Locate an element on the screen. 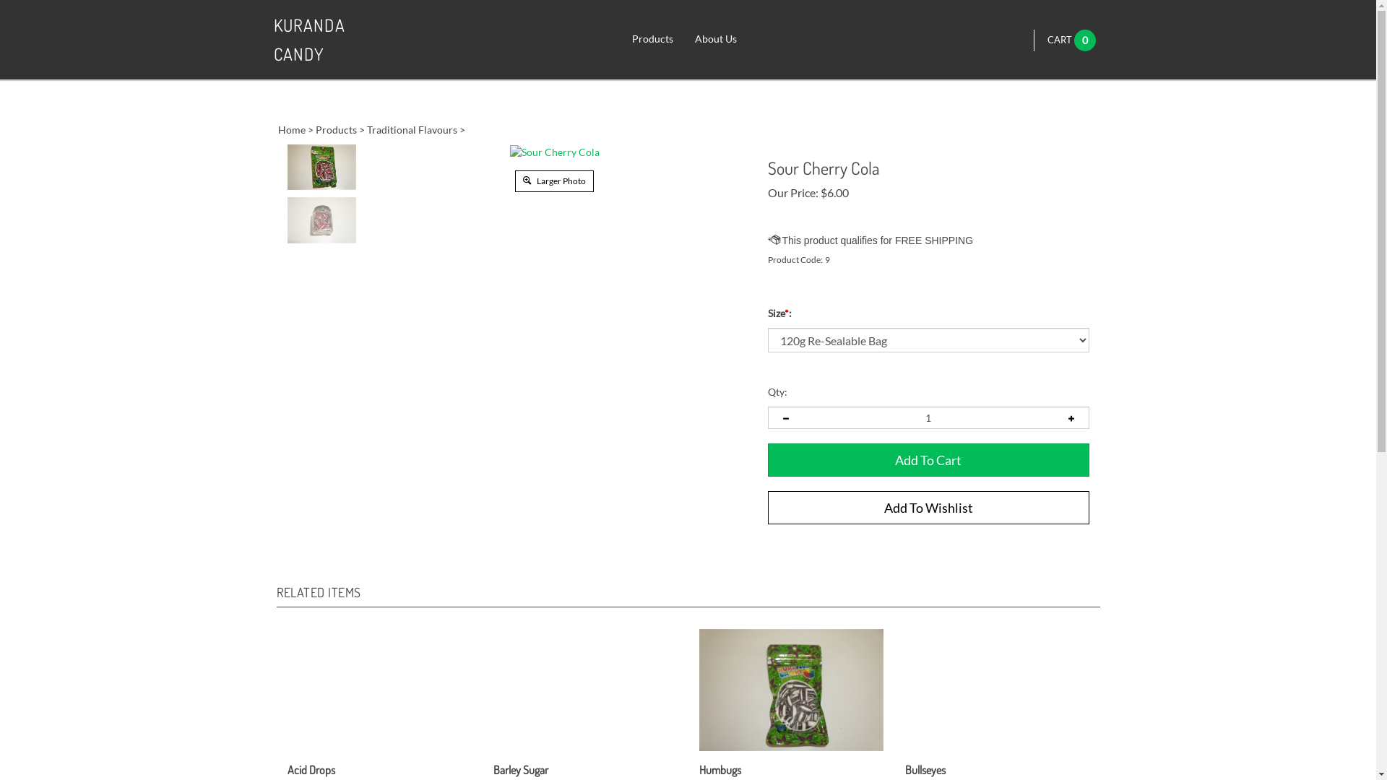  'Sour Cherry Cola' is located at coordinates (554, 152).